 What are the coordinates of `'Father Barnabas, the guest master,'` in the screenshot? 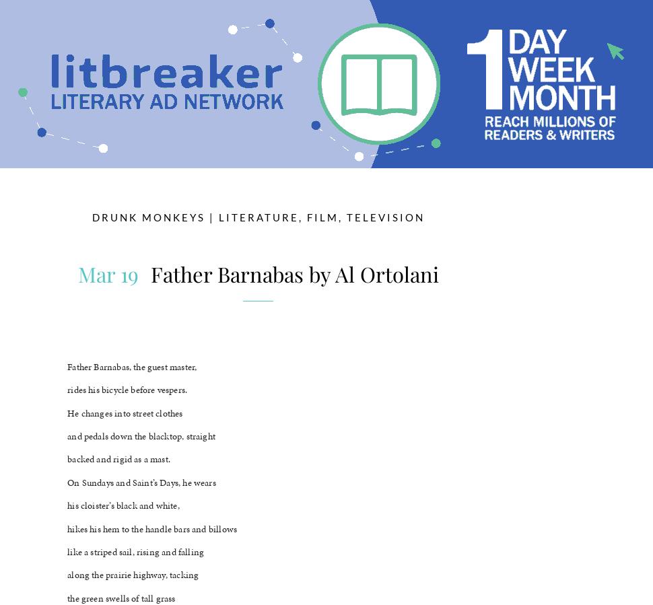 It's located at (132, 366).